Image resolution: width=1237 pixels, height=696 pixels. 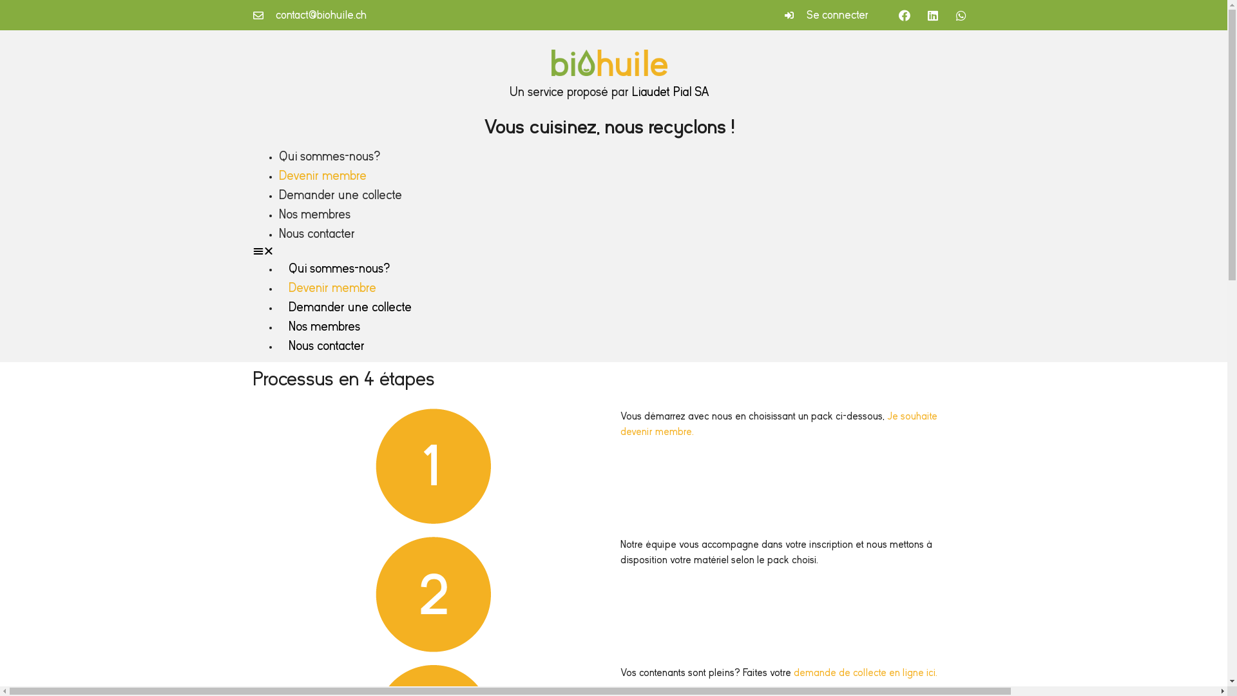 I want to click on 'Demander une collecte', so click(x=349, y=307).